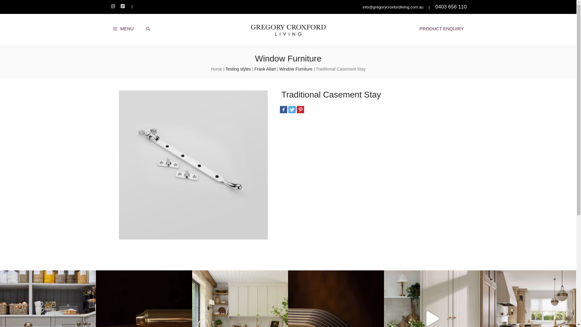  What do you see at coordinates (441, 29) in the screenshot?
I see `'PRODUCT ENQUIRY'` at bounding box center [441, 29].